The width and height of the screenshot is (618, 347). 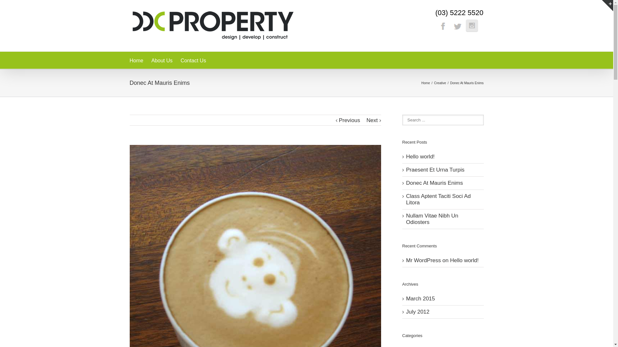 What do you see at coordinates (421, 82) in the screenshot?
I see `'Home'` at bounding box center [421, 82].